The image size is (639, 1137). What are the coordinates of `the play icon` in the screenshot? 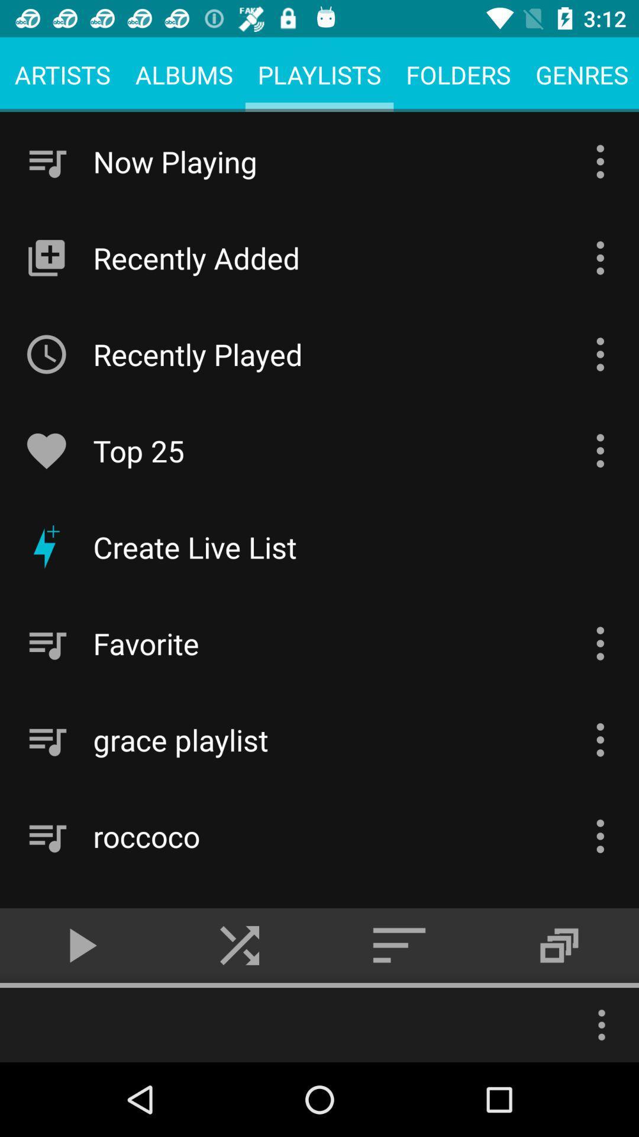 It's located at (80, 945).